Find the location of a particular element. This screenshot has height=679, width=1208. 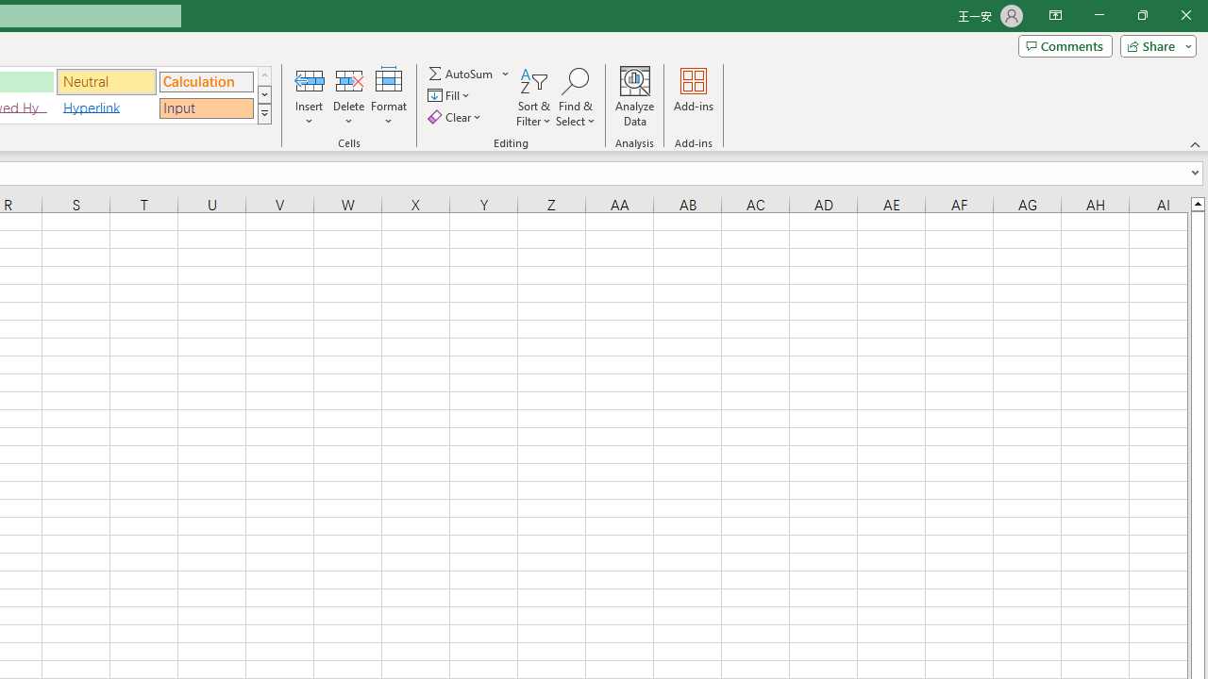

'Fill' is located at coordinates (450, 95).